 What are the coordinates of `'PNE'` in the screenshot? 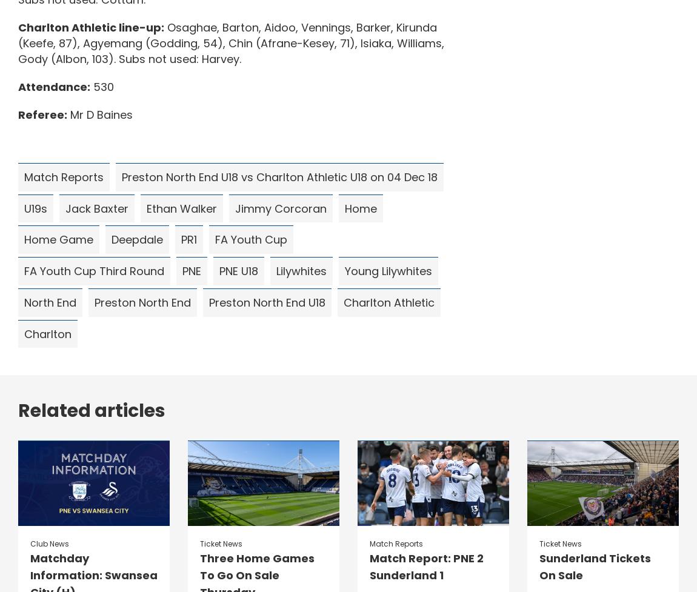 It's located at (192, 271).